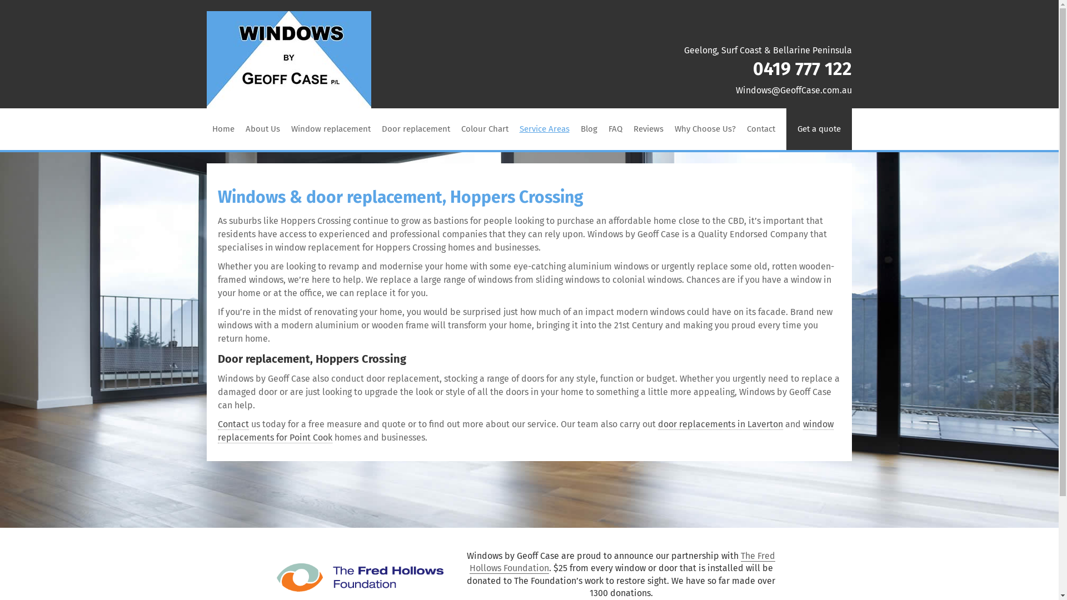 The width and height of the screenshot is (1067, 600). What do you see at coordinates (648, 128) in the screenshot?
I see `'Reviews'` at bounding box center [648, 128].